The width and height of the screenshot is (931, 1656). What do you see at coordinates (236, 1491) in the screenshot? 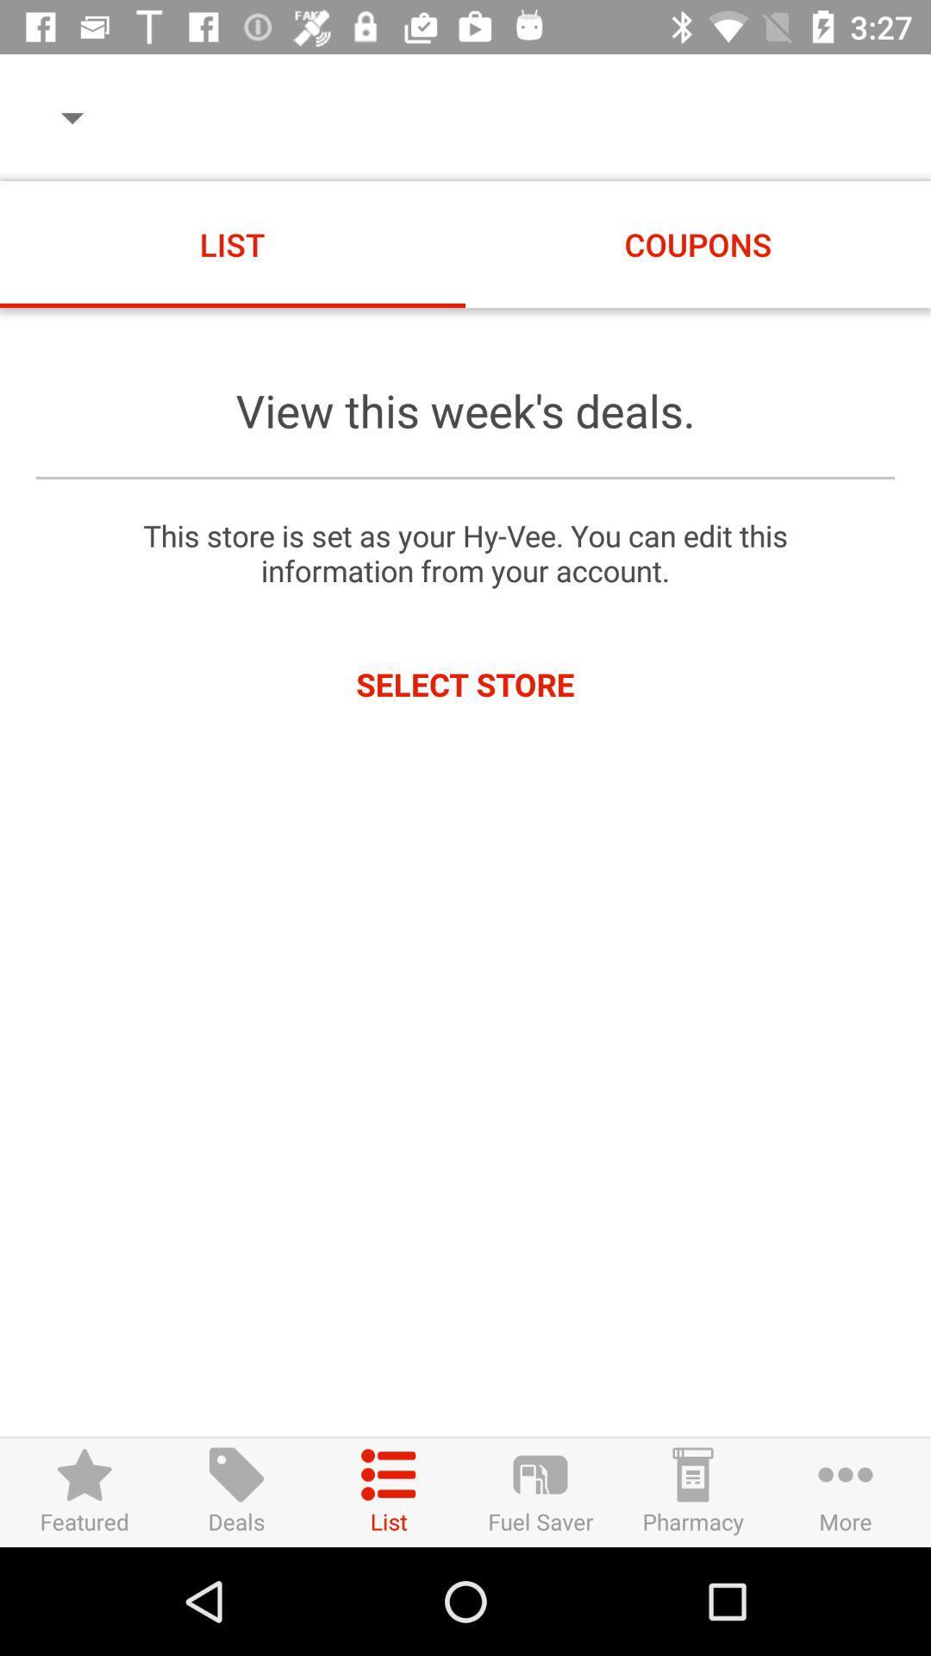
I see `the deals button on the web page` at bounding box center [236, 1491].